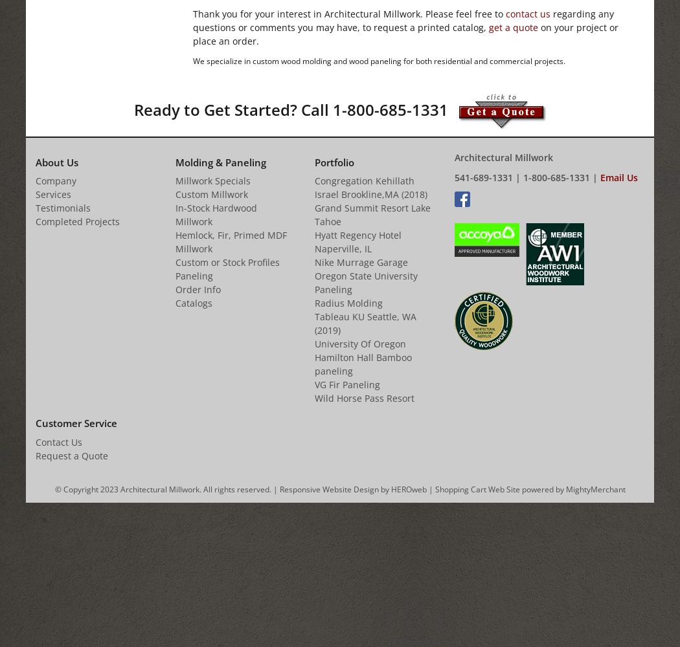 The image size is (680, 647). What do you see at coordinates (56, 181) in the screenshot?
I see `'Company'` at bounding box center [56, 181].